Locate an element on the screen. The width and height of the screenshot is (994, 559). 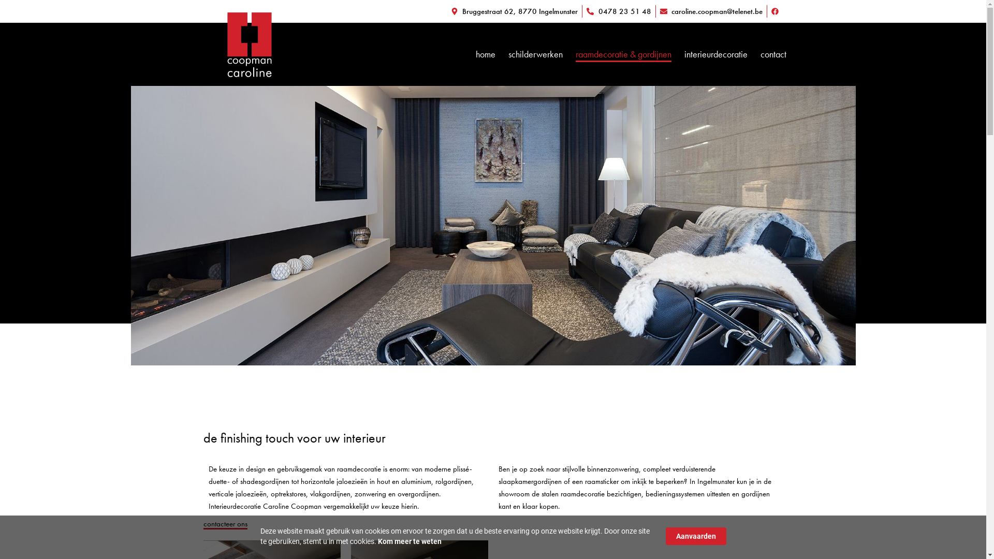
'contact' is located at coordinates (773, 54).